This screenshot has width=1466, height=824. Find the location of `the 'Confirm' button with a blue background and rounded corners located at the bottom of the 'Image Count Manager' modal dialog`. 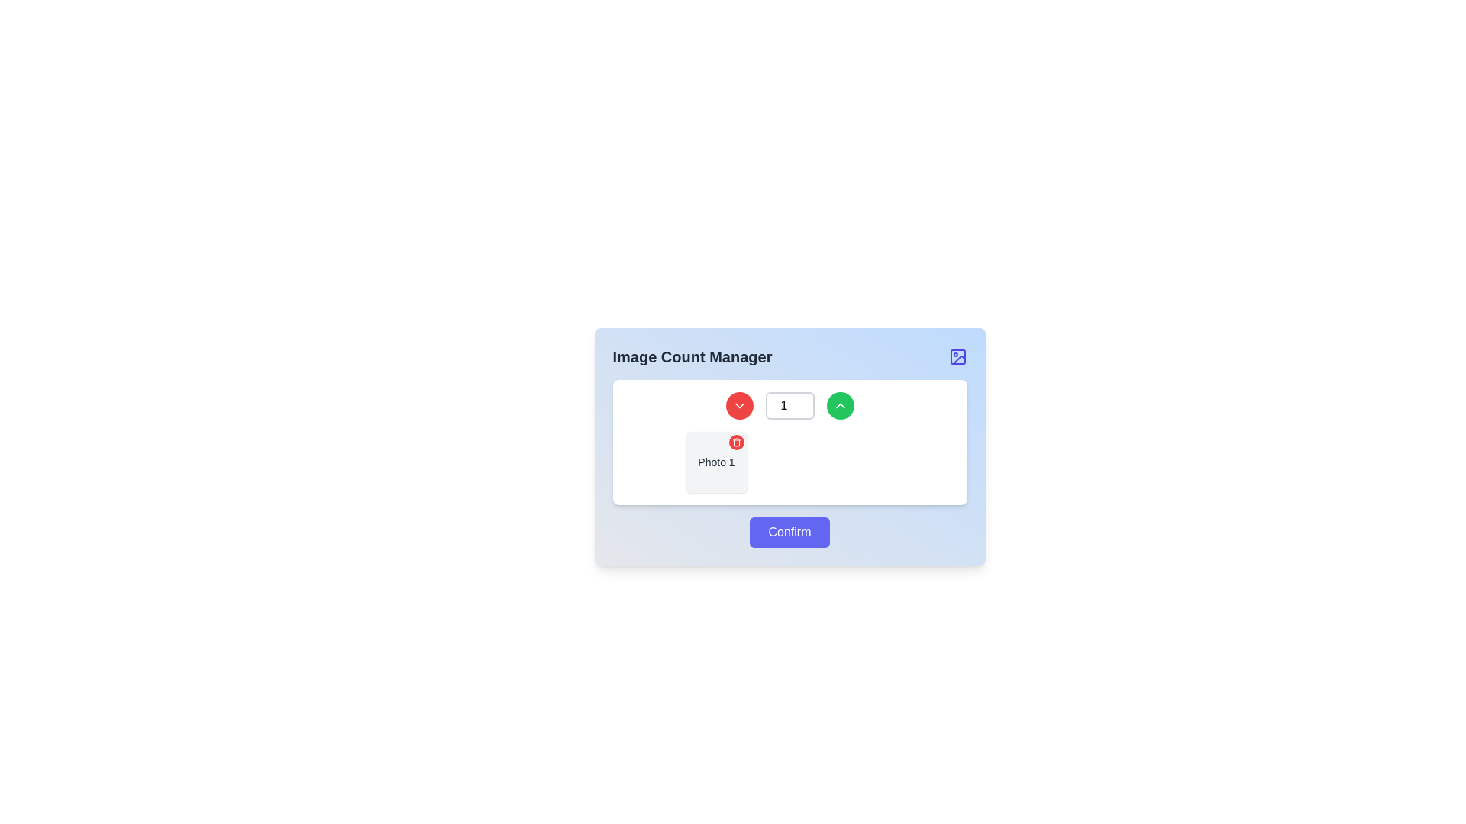

the 'Confirm' button with a blue background and rounded corners located at the bottom of the 'Image Count Manager' modal dialog is located at coordinates (789, 532).